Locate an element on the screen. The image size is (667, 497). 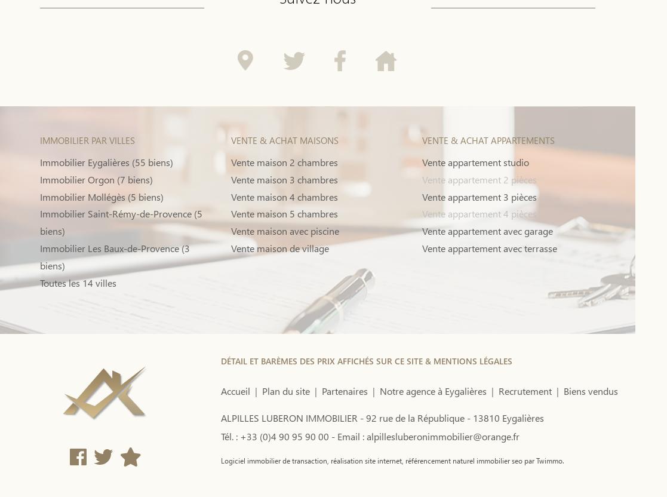
'Vente appartement 4 pièces' is located at coordinates (479, 213).